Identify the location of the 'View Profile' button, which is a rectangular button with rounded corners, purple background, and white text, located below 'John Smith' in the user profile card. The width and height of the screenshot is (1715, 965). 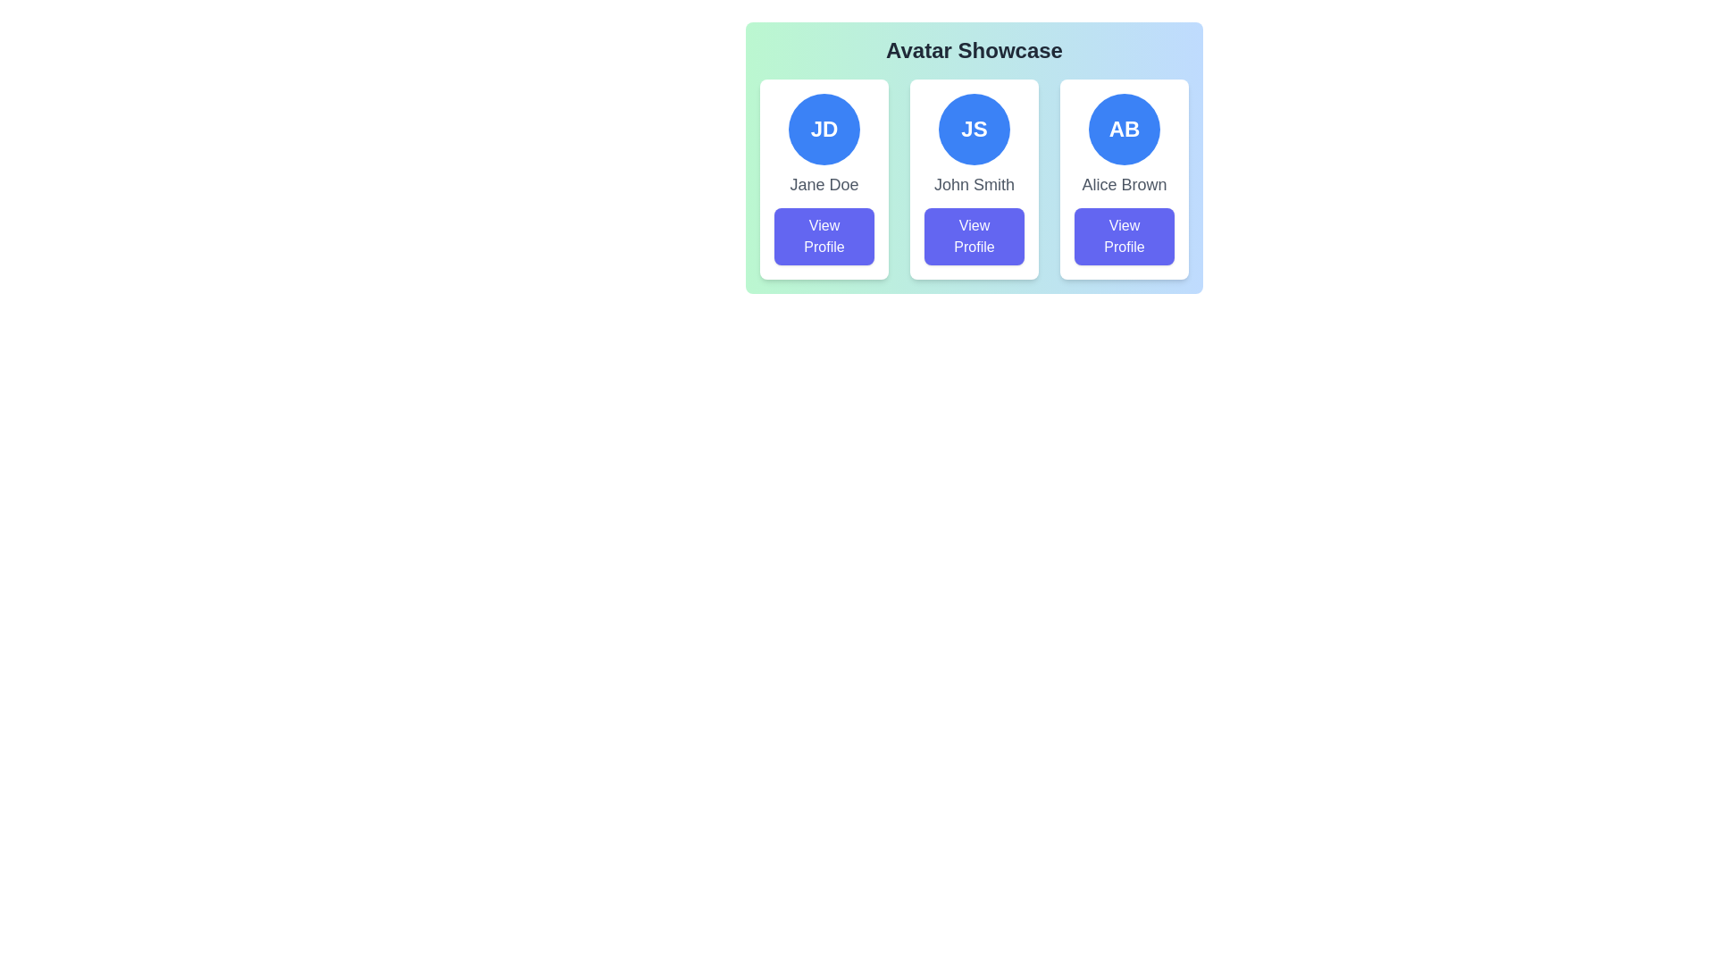
(973, 236).